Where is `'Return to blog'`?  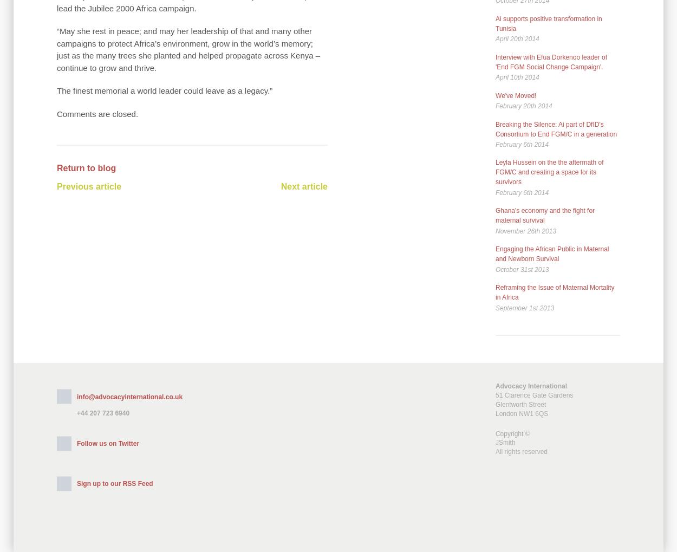 'Return to blog' is located at coordinates (86, 167).